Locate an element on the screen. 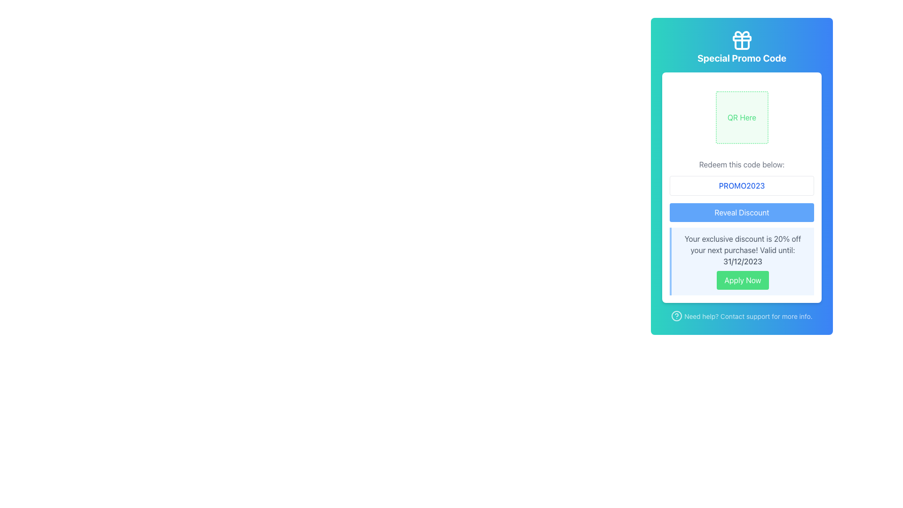 This screenshot has height=508, width=903. the informational header static text label that instructs users to redeem the promotional code 'PROMO2023', which is positioned below the 'QR Here' section and above the promotional code text is located at coordinates (741, 164).